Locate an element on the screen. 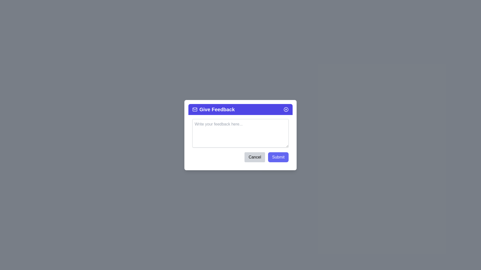  the Feedback Dialog header to initiate interaction is located at coordinates (241, 109).